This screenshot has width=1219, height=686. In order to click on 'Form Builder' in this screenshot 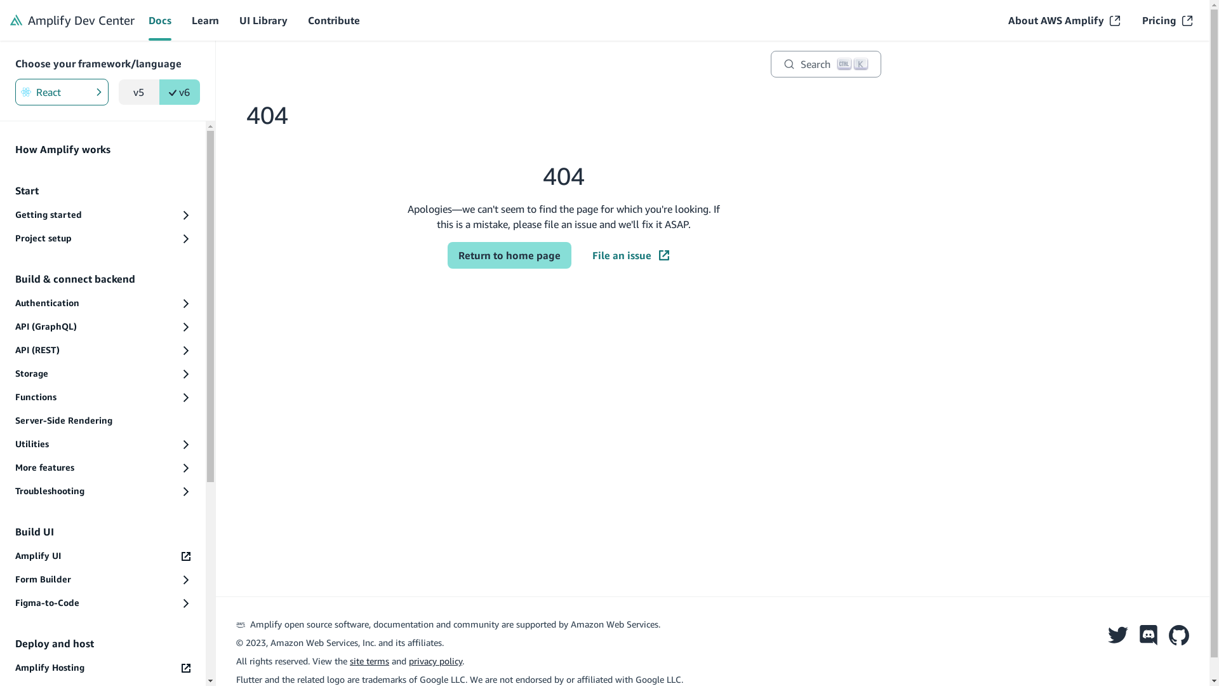, I will do `click(103, 579)`.